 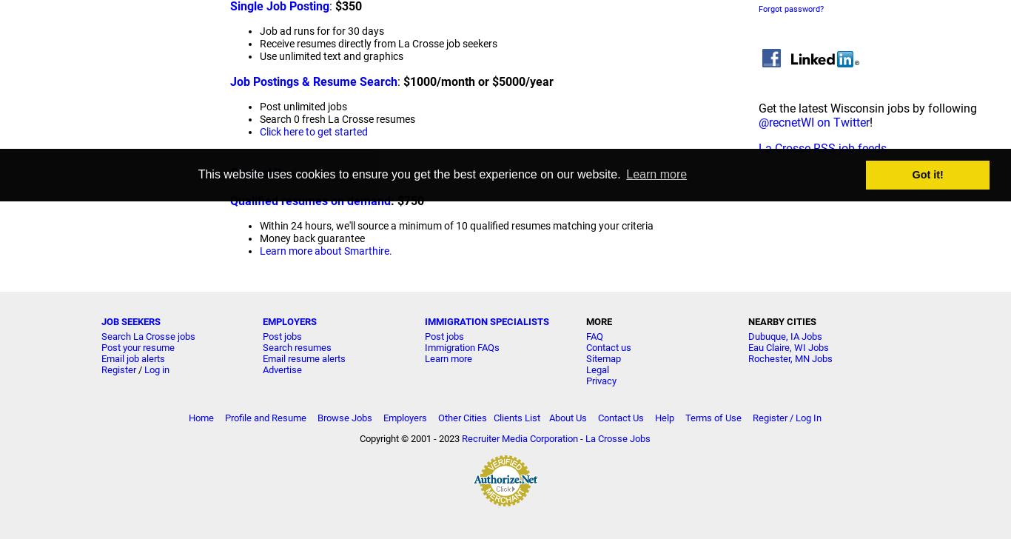 I want to click on 'Other Cities', so click(x=437, y=418).